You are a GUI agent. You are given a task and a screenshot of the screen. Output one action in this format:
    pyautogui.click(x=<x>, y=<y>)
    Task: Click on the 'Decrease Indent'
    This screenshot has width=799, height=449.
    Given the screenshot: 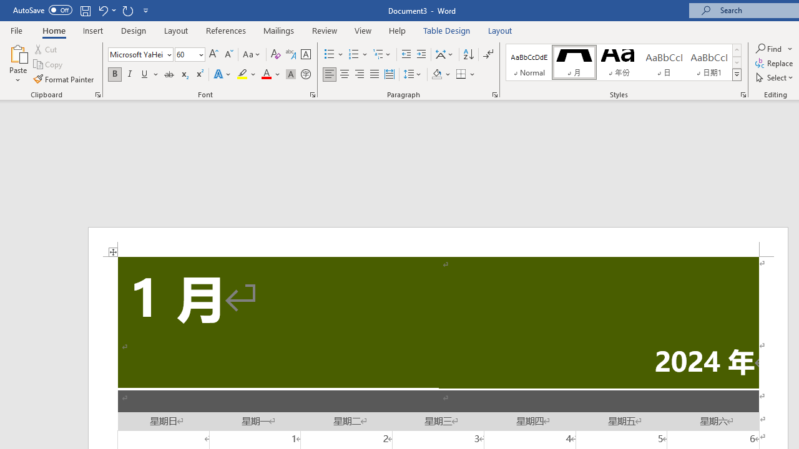 What is the action you would take?
    pyautogui.click(x=406, y=54)
    